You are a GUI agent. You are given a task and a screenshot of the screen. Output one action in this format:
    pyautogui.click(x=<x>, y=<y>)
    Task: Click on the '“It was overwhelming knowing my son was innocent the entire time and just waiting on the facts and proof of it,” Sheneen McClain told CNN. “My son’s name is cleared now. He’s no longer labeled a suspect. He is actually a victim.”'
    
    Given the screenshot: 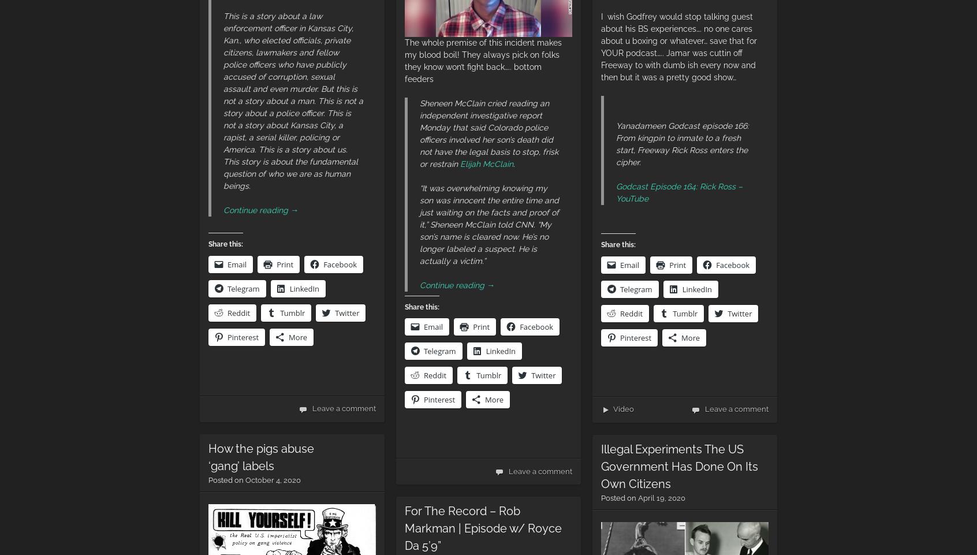 What is the action you would take?
    pyautogui.click(x=488, y=225)
    